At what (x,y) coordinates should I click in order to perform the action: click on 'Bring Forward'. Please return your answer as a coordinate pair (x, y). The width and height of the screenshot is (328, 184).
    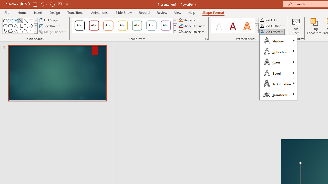
    Looking at the image, I should click on (314, 21).